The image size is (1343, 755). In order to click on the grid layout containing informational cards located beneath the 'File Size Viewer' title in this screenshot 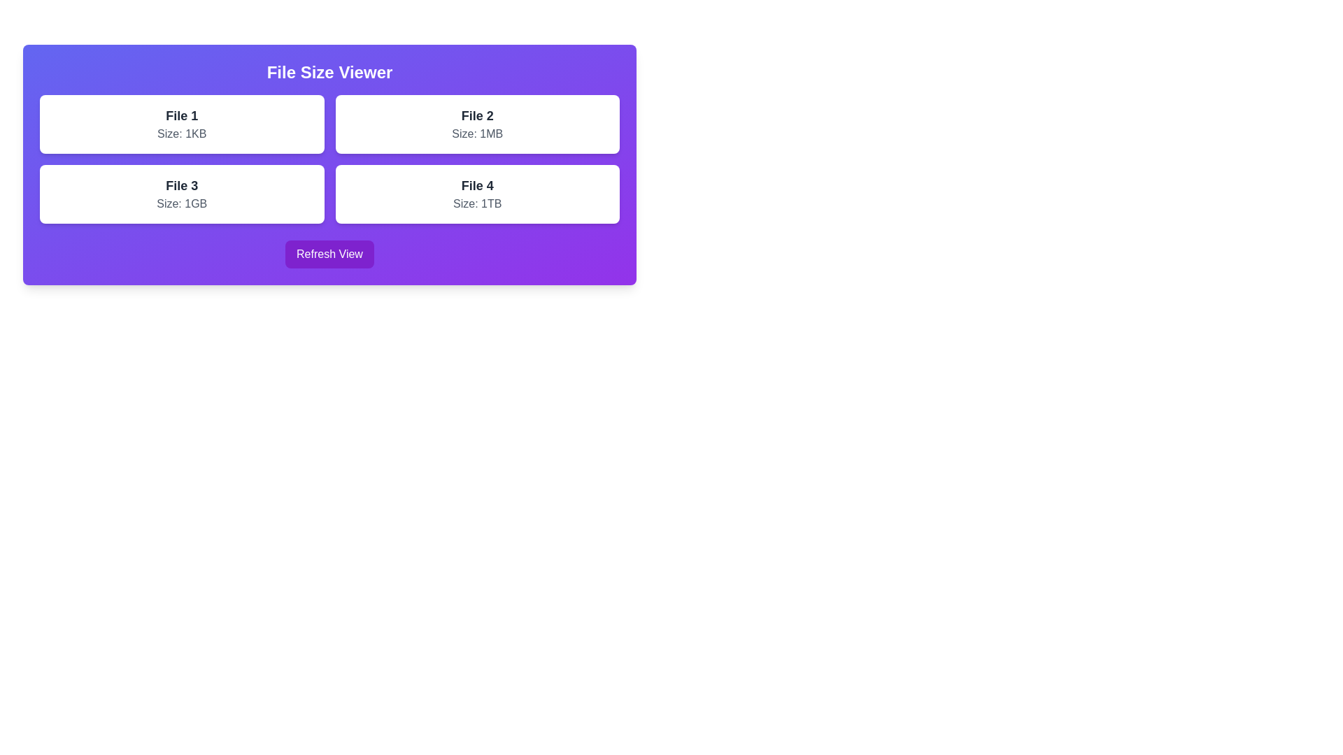, I will do `click(329, 158)`.